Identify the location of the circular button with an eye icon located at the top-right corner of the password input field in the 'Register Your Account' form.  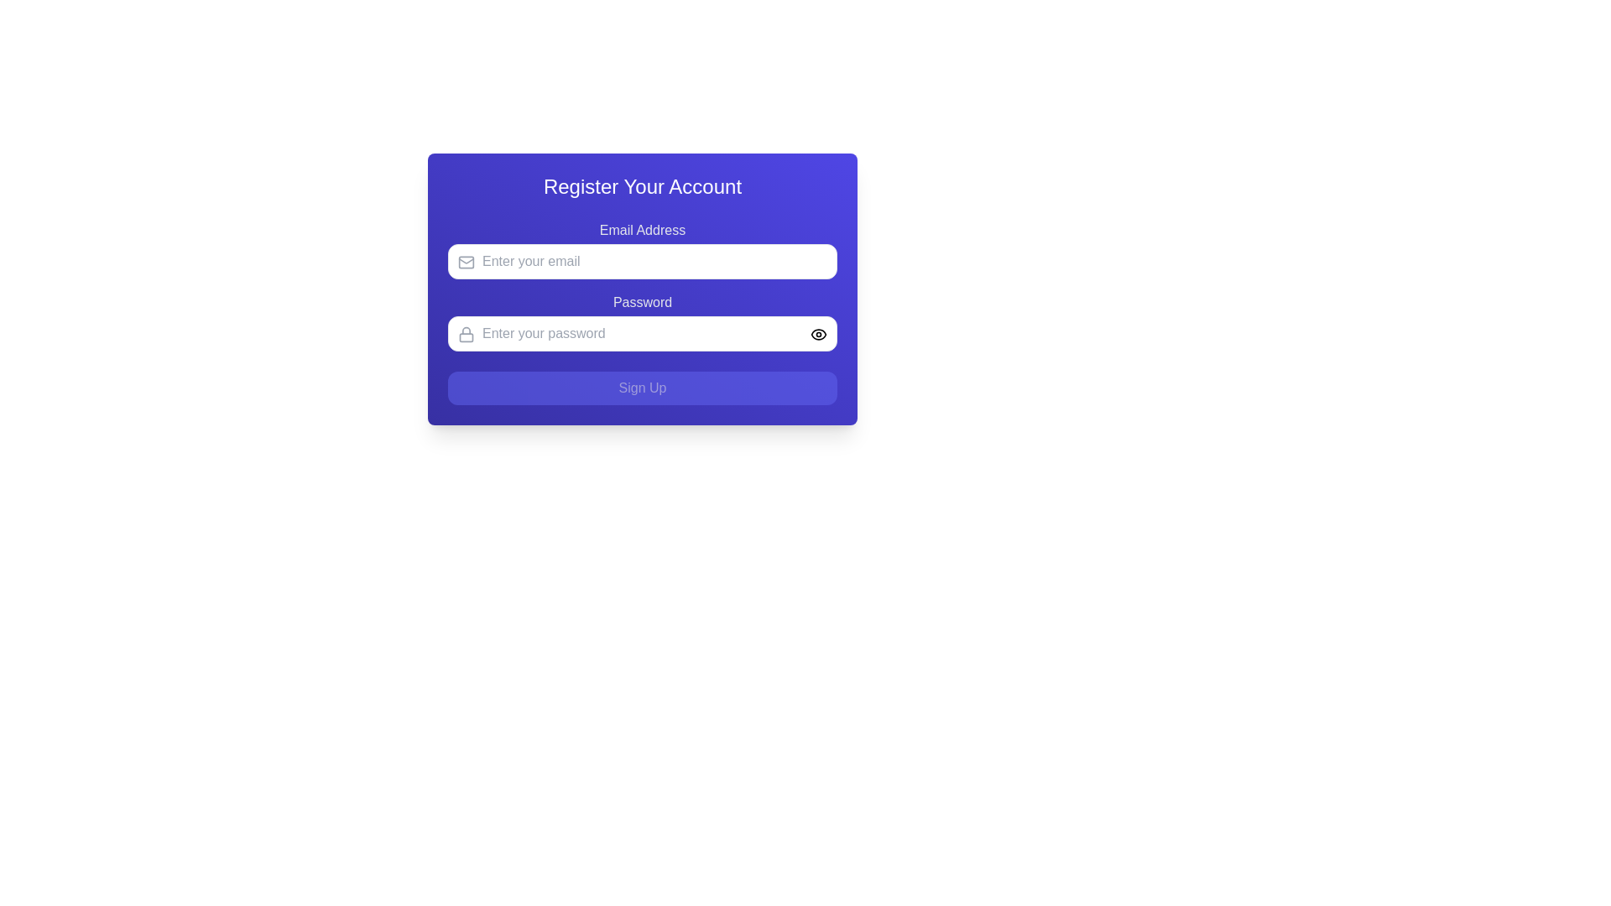
(818, 334).